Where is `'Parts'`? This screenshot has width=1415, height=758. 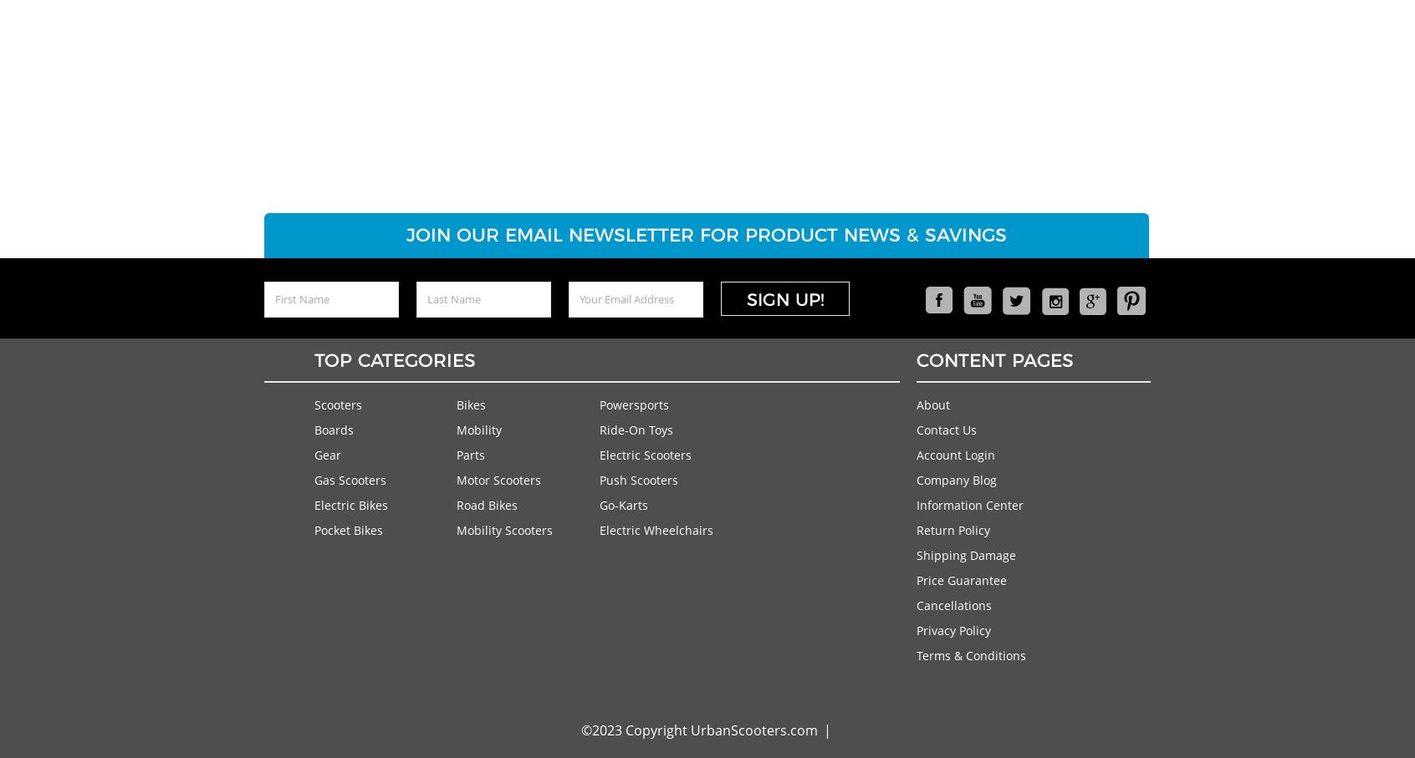
'Parts' is located at coordinates (470, 454).